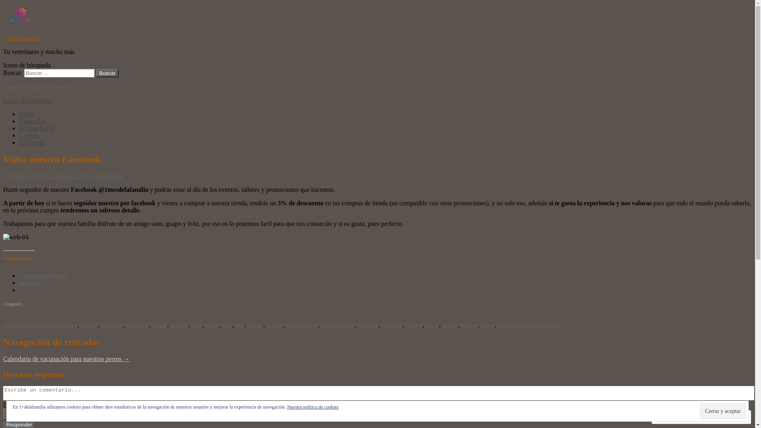 This screenshot has height=428, width=761. I want to click on 'familia', so click(179, 325).